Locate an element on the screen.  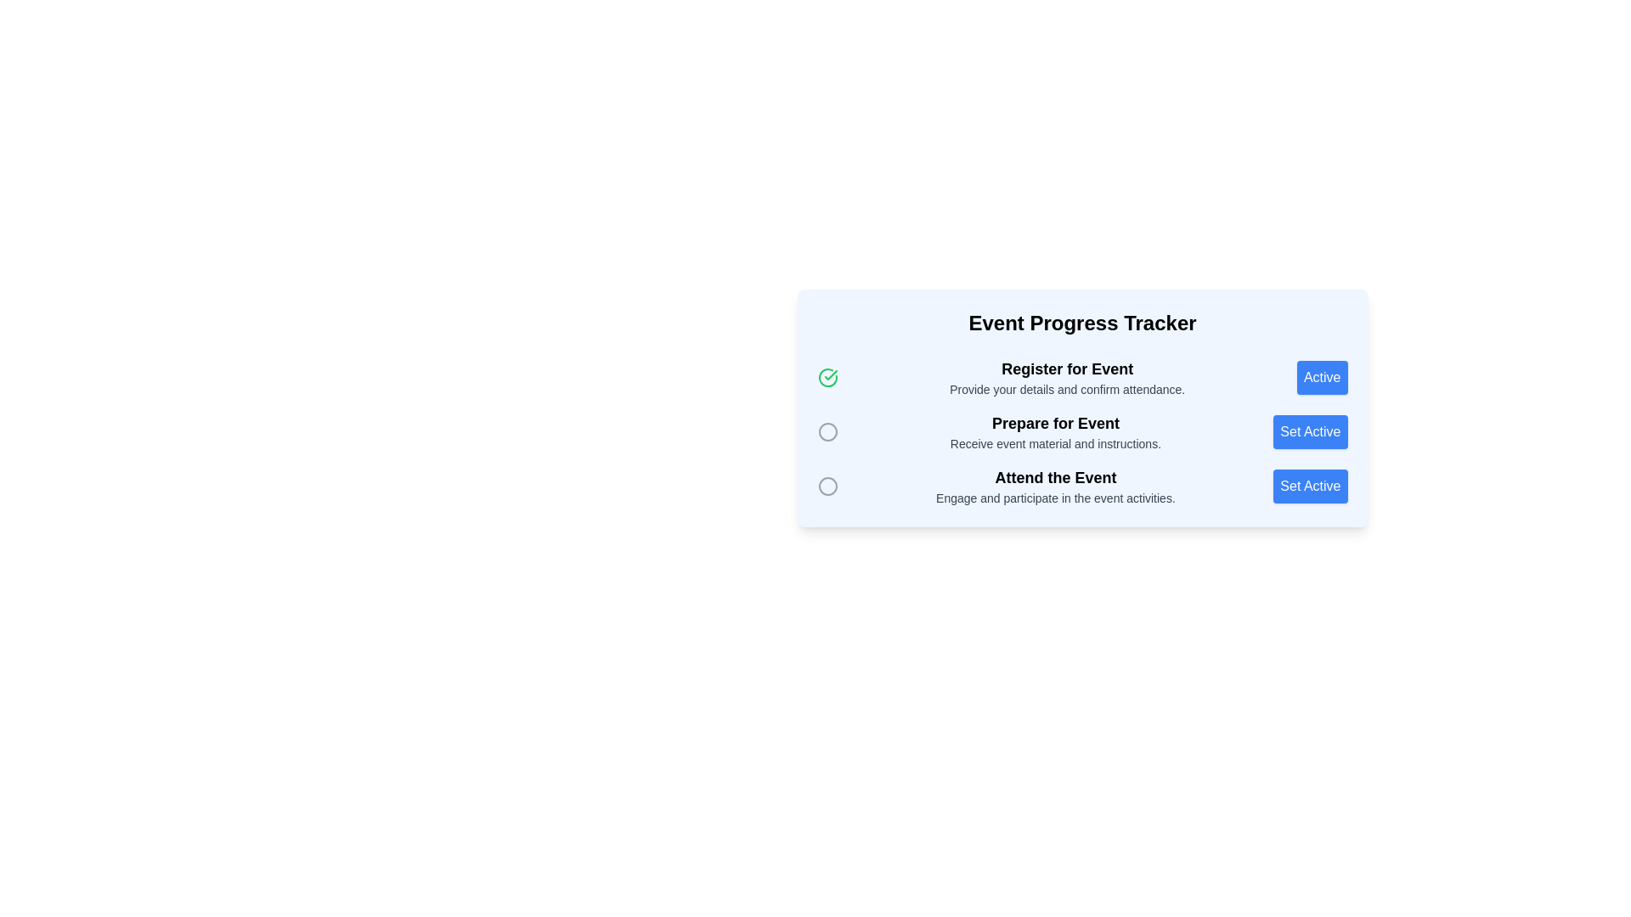
text label or heading that serves as the title for the activity tracker section, located centrally near the top of the section is located at coordinates (1081, 323).